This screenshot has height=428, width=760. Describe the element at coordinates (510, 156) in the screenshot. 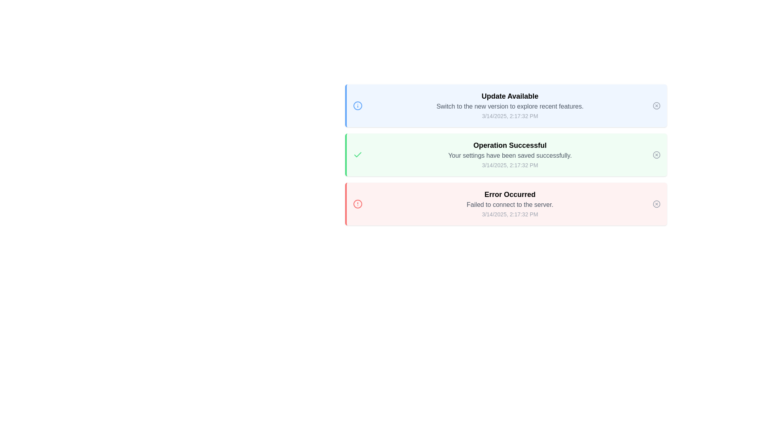

I see `static text message stating 'Your settings have been saved successfully.' located in the notification card with the title 'Operation Successful'` at that location.